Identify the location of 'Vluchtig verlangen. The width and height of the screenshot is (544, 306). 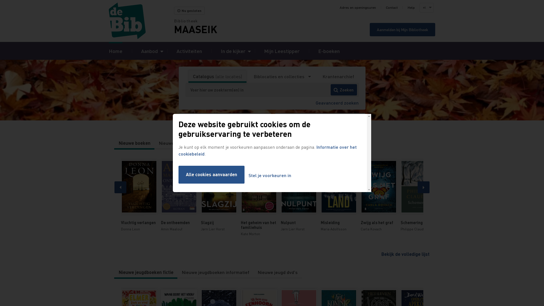
(139, 195).